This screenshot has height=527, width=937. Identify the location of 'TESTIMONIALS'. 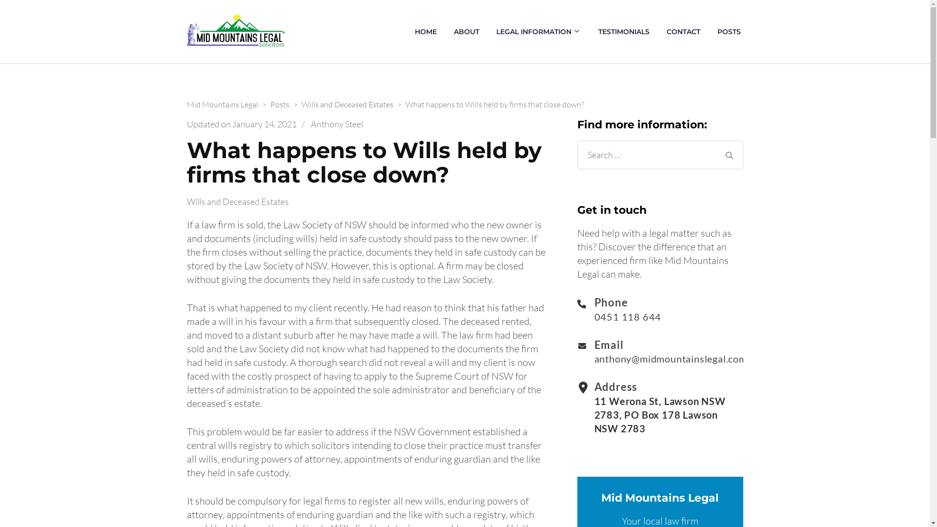
(623, 31).